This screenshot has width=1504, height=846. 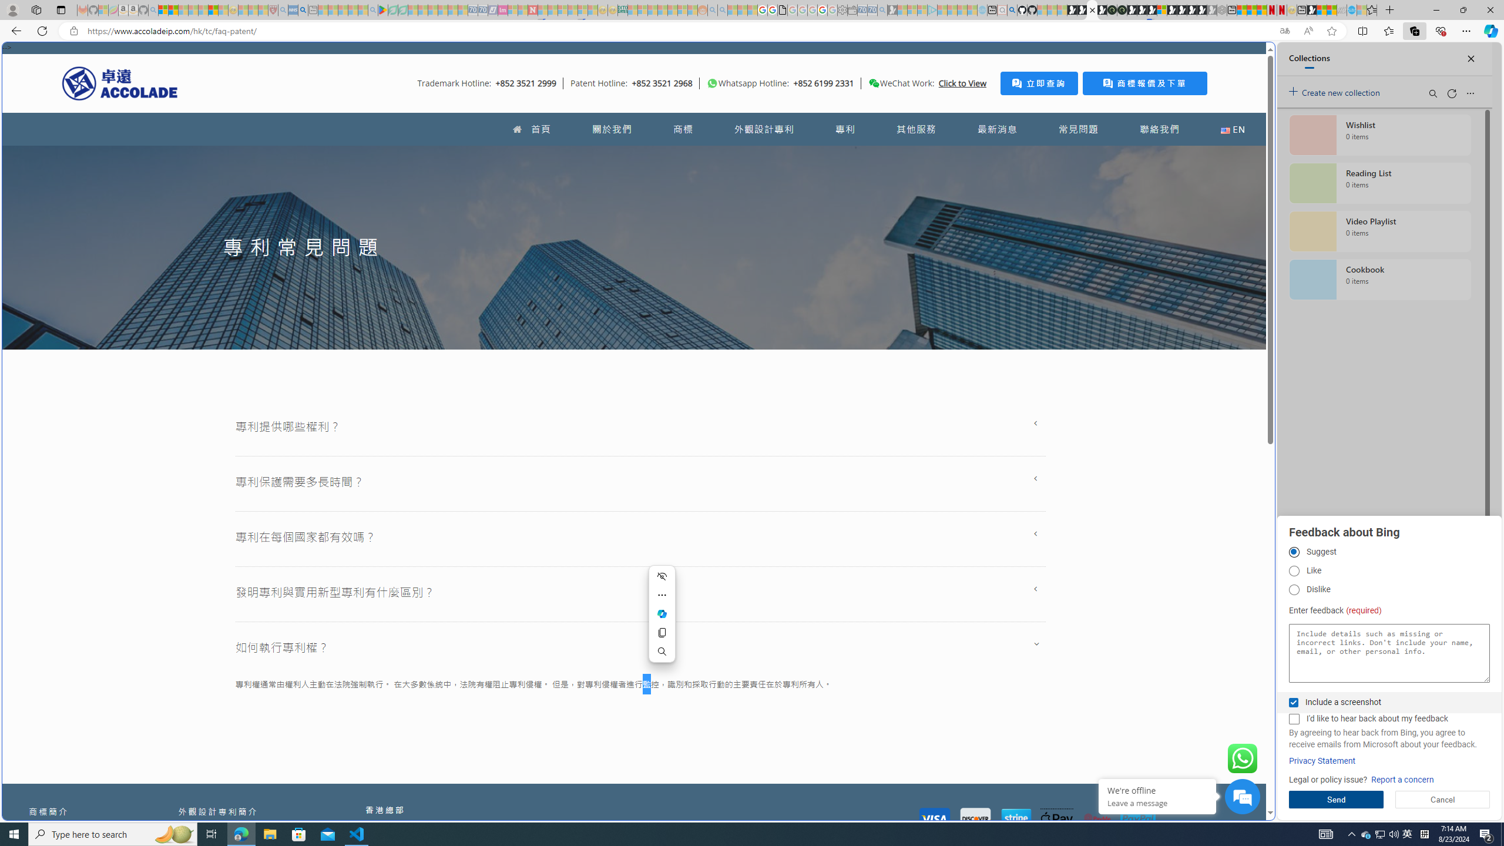 I want to click on 'Expert Portfolios - Sleeping', so click(x=662, y=9).